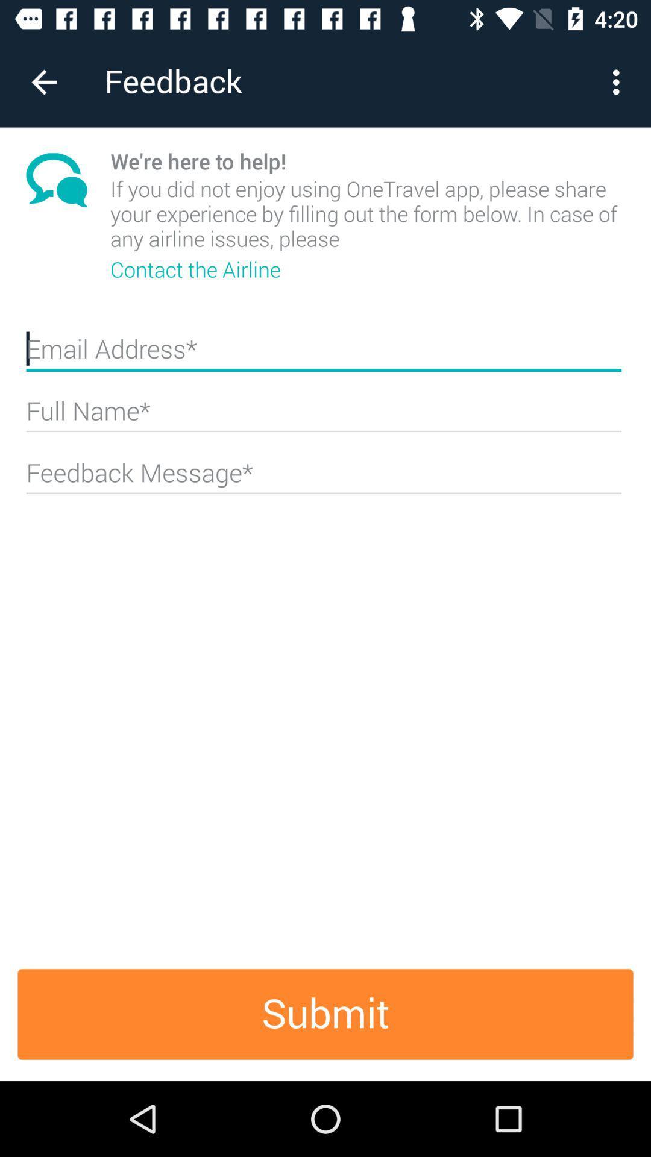 This screenshot has width=651, height=1157. I want to click on the field below full name, so click(323, 477).